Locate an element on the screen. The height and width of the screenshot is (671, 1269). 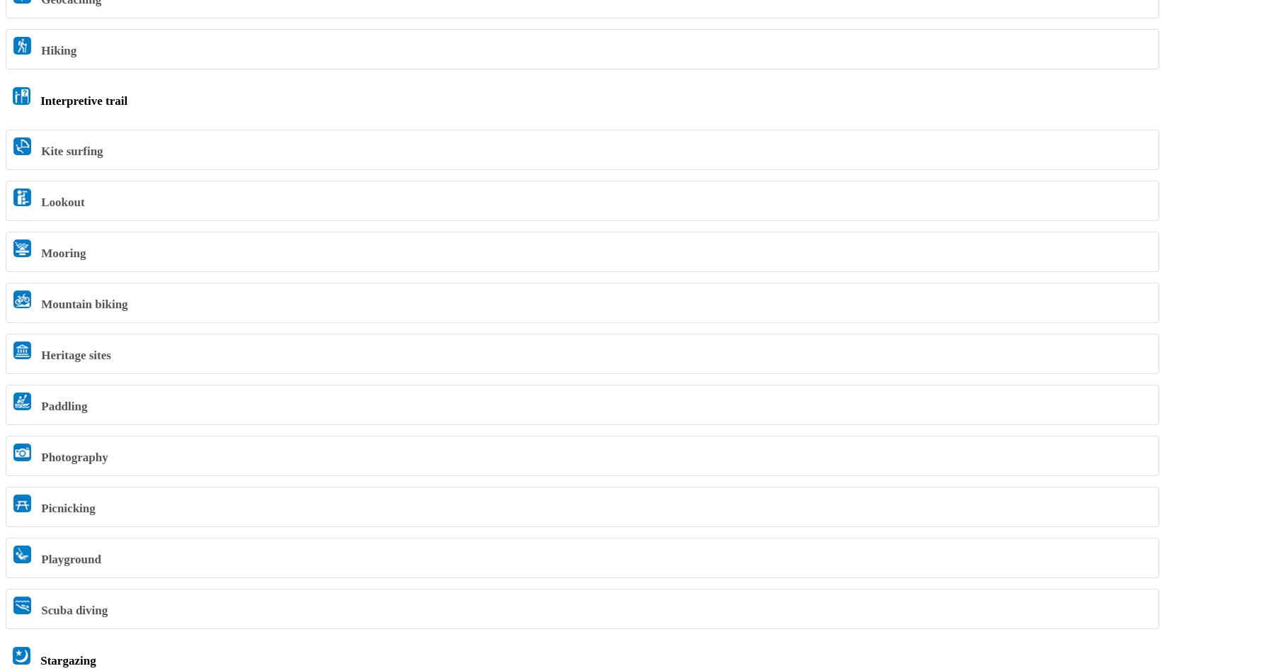
'Lookout' is located at coordinates (61, 201).